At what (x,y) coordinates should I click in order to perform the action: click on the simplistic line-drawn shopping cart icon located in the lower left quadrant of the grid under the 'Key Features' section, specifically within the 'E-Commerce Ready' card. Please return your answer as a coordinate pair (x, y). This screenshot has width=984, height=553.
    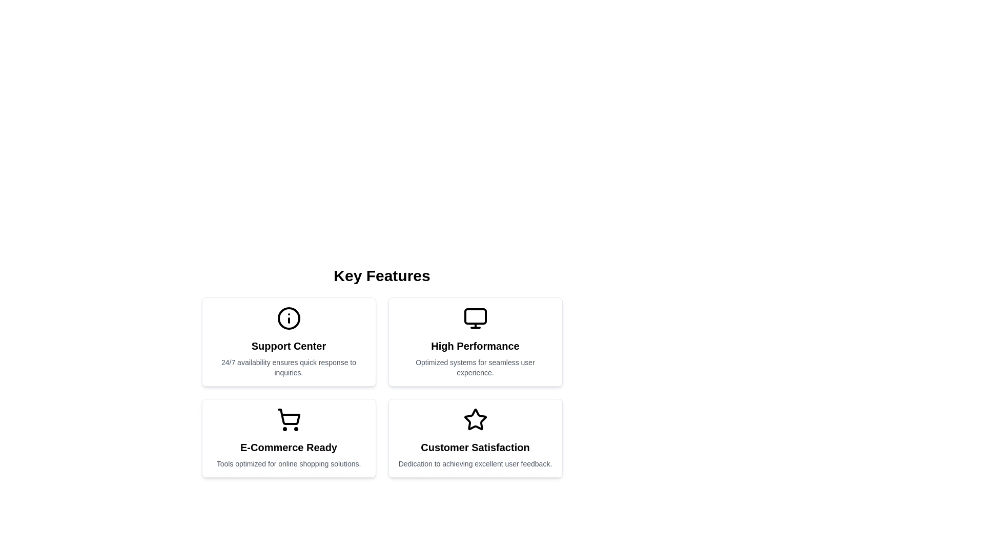
    Looking at the image, I should click on (288, 420).